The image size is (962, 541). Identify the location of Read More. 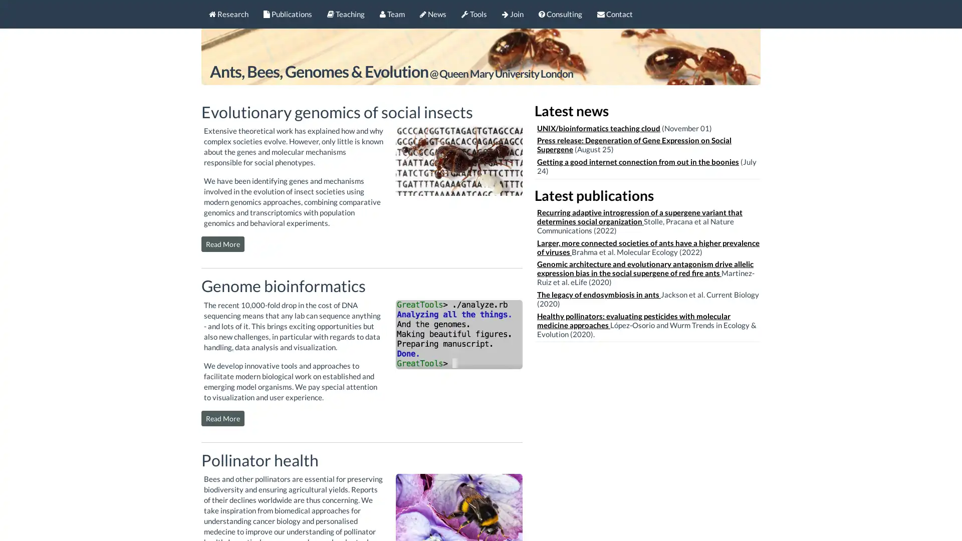
(222, 244).